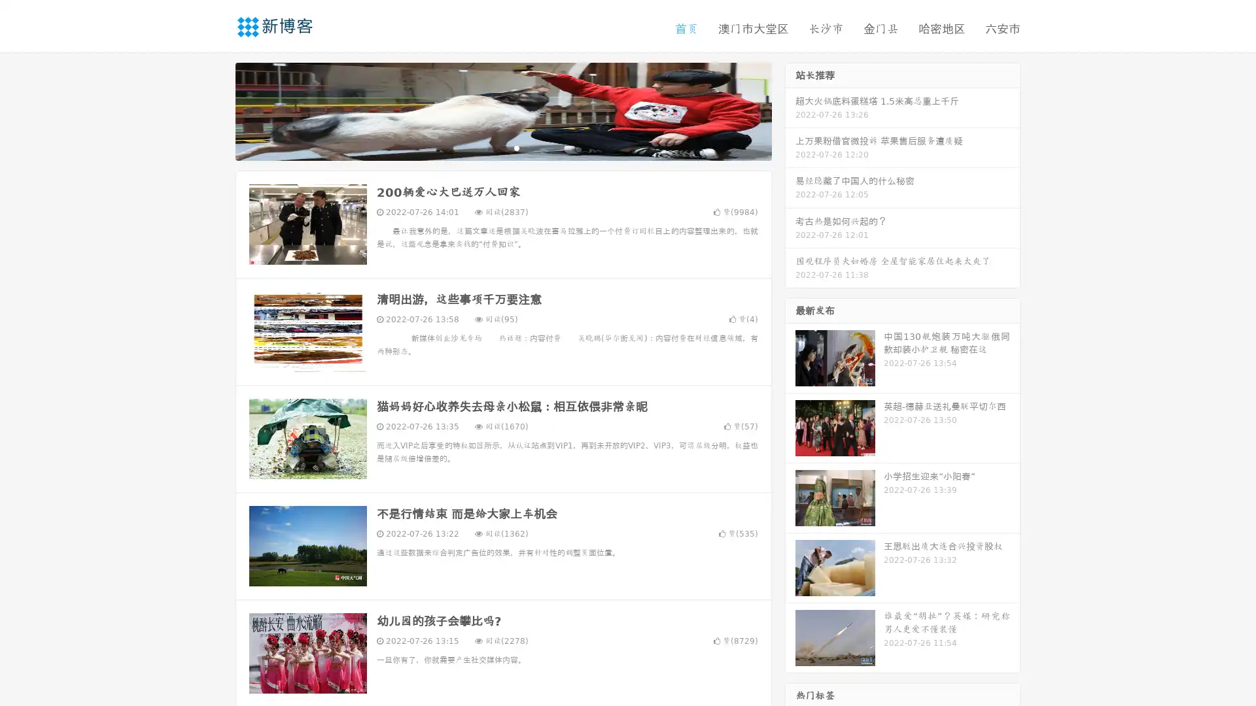 The width and height of the screenshot is (1256, 706). Describe the element at coordinates (216, 110) in the screenshot. I see `Previous slide` at that location.